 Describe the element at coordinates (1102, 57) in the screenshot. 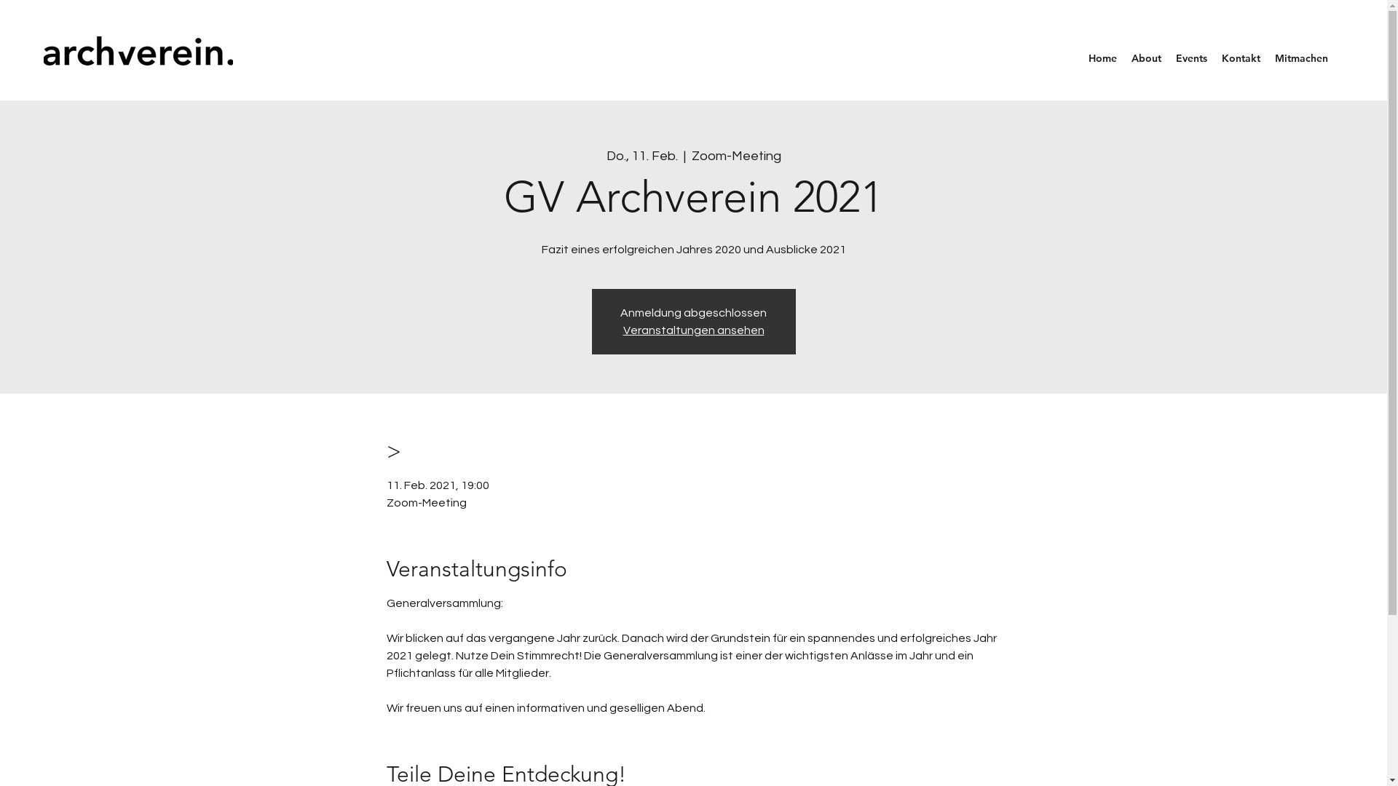

I see `'Home'` at that location.